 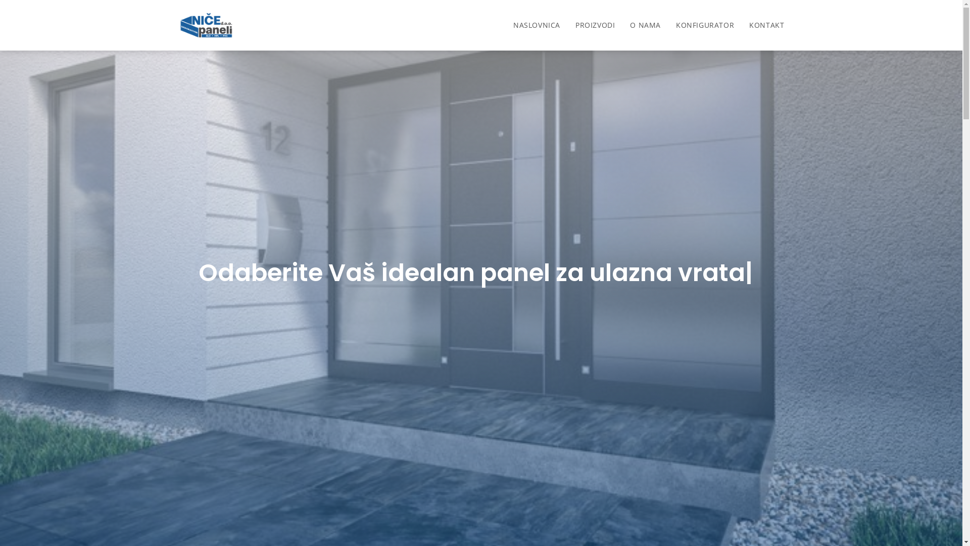 What do you see at coordinates (704, 25) in the screenshot?
I see `'KONFIGURATOR'` at bounding box center [704, 25].